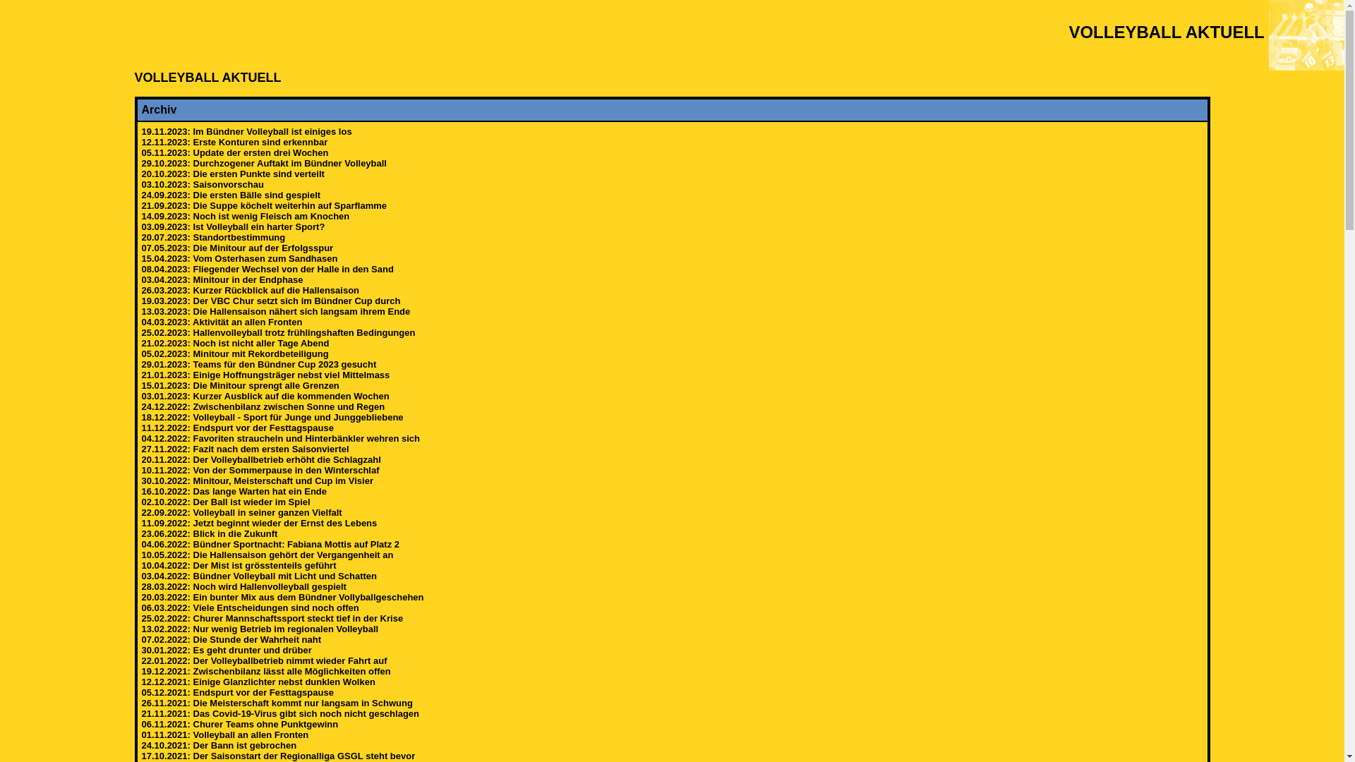 The height and width of the screenshot is (762, 1355). Describe the element at coordinates (234, 353) in the screenshot. I see `'05.02.2023: Minitour mit Rekordbeteiligung'` at that location.